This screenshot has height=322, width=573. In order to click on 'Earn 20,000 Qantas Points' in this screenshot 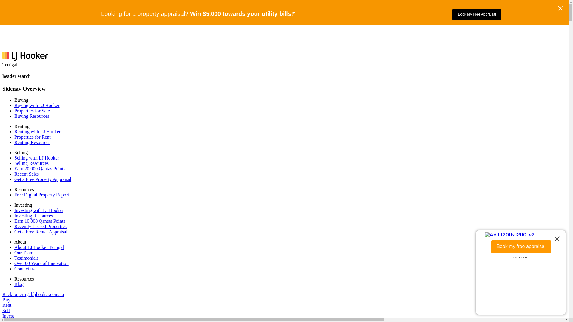, I will do `click(39, 168)`.